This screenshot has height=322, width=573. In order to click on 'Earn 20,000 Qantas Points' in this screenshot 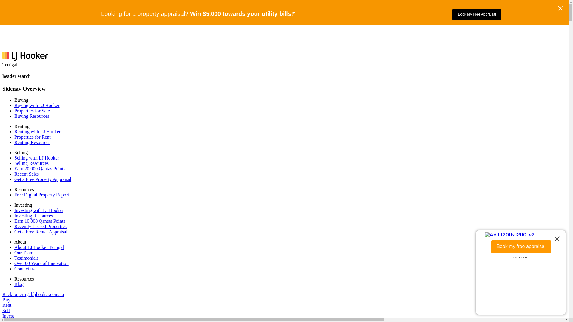, I will do `click(39, 168)`.